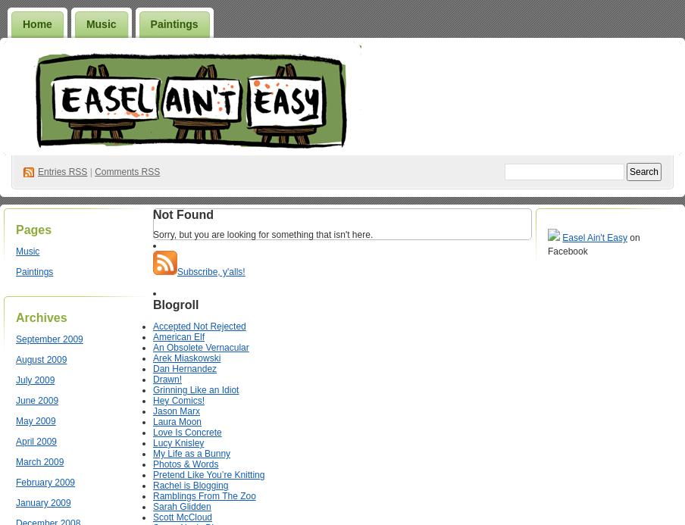 This screenshot has width=685, height=525. Describe the element at coordinates (14, 252) in the screenshot. I see `'Music'` at that location.